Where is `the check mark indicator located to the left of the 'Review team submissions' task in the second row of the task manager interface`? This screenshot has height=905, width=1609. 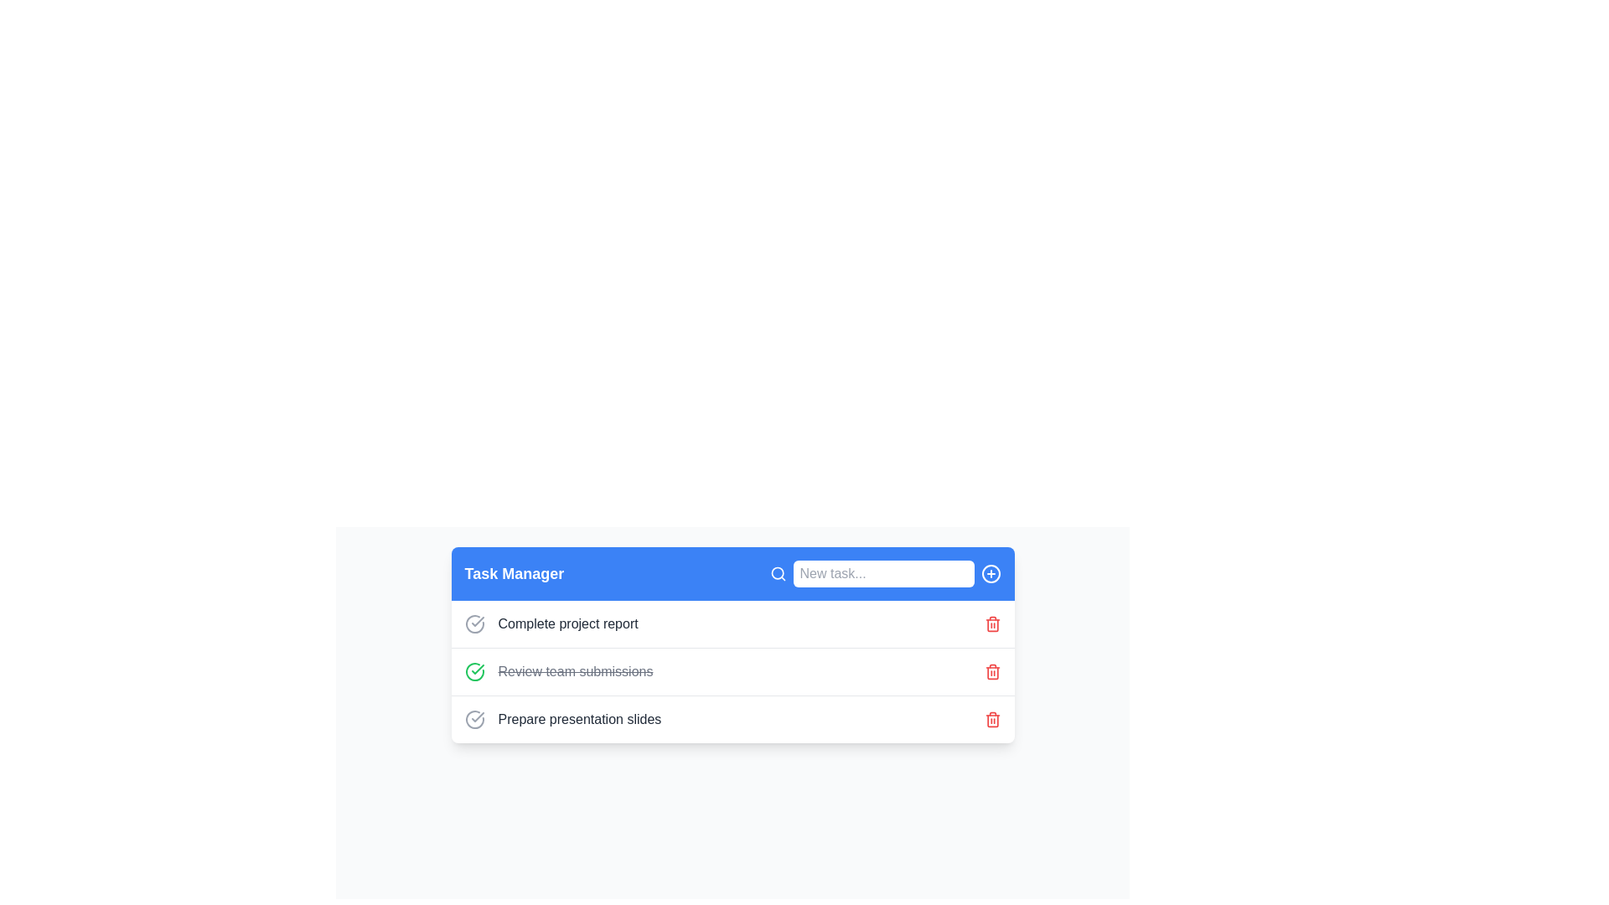
the check mark indicator located to the left of the 'Review team submissions' task in the second row of the task manager interface is located at coordinates (473, 671).